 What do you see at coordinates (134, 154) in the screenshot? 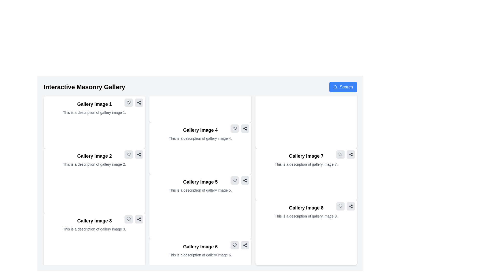
I see `the share icon located in the button group at the top-right of the 'Gallery Image 2' box` at bounding box center [134, 154].